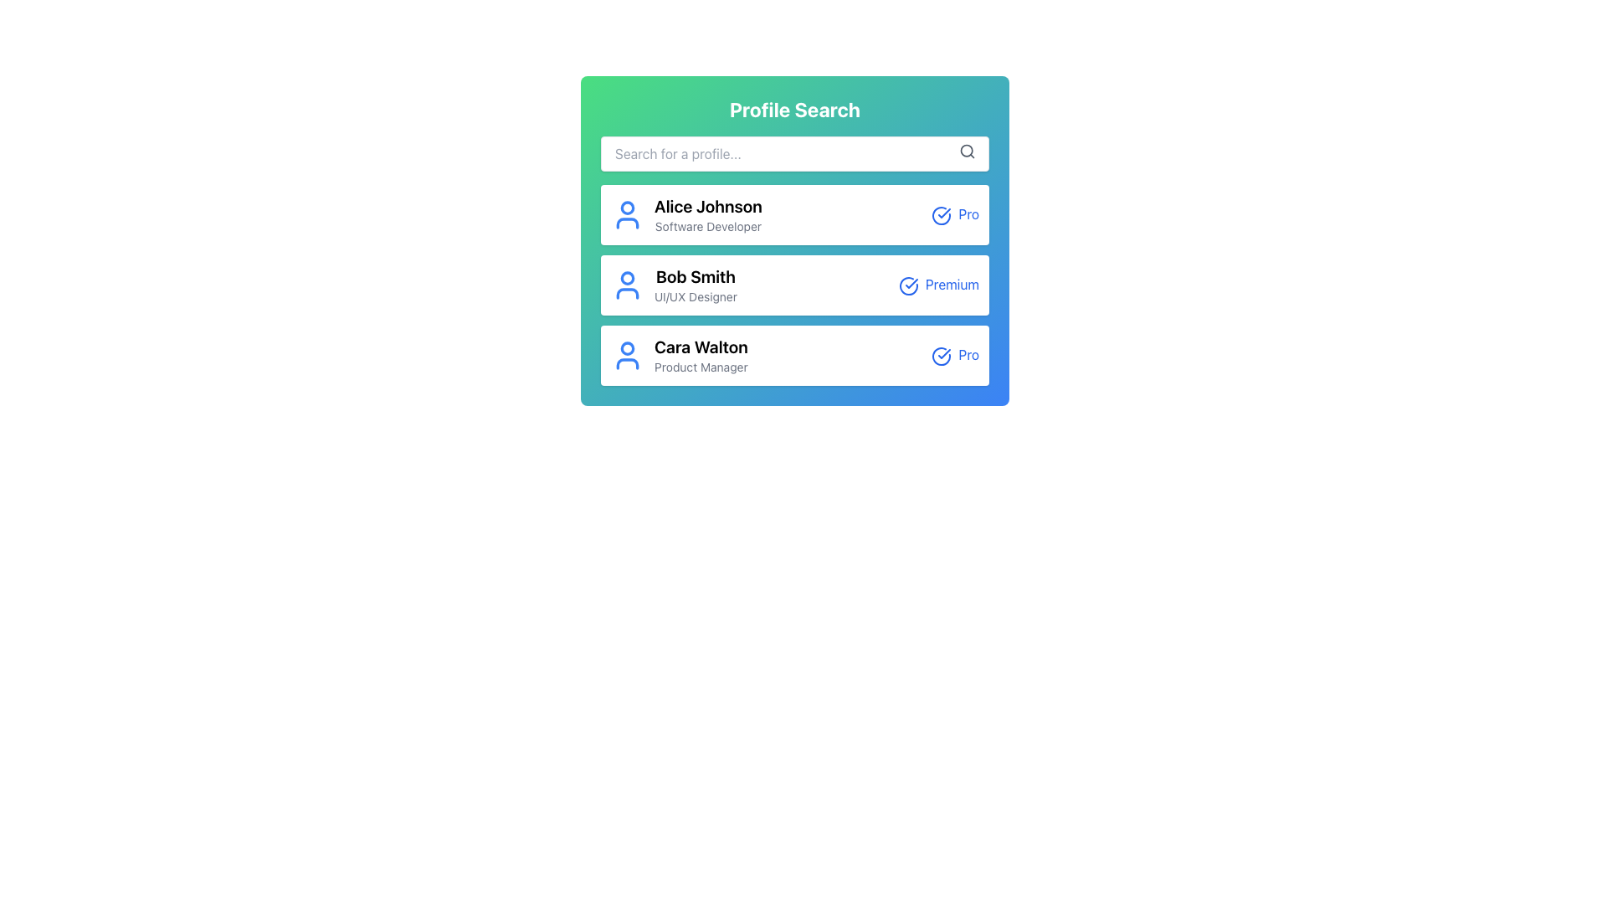 This screenshot has height=904, width=1607. I want to click on the Circle SVG element that represents the head in a user icon, which is centrally positioned within the user profile graphic, so click(626, 206).